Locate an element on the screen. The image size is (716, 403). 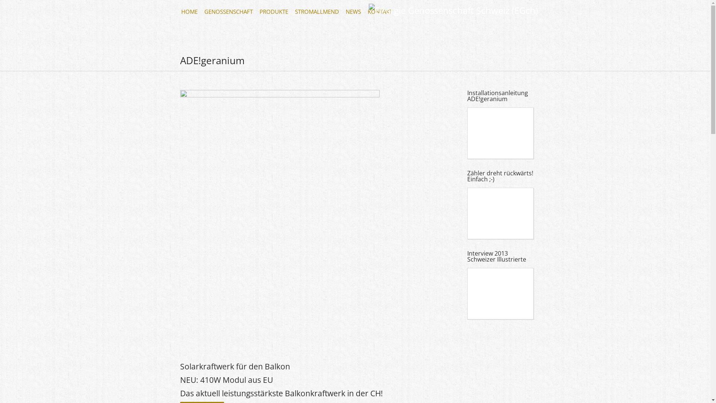
'KONTAKT ' is located at coordinates (380, 9).